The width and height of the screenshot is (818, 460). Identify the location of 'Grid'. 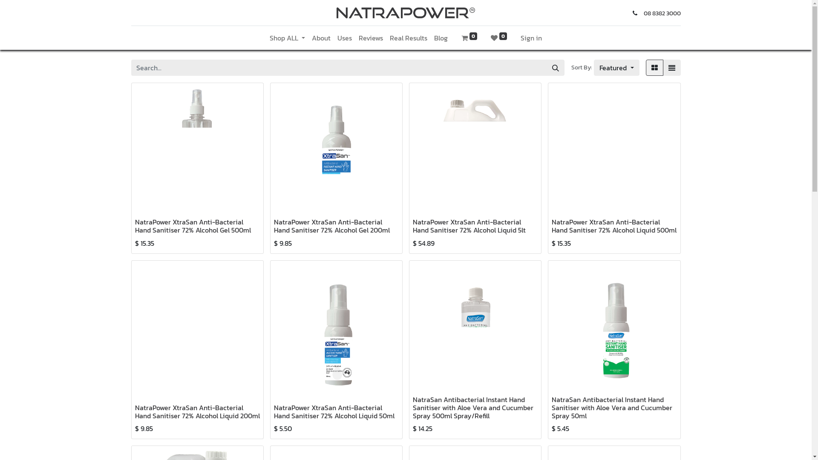
(654, 67).